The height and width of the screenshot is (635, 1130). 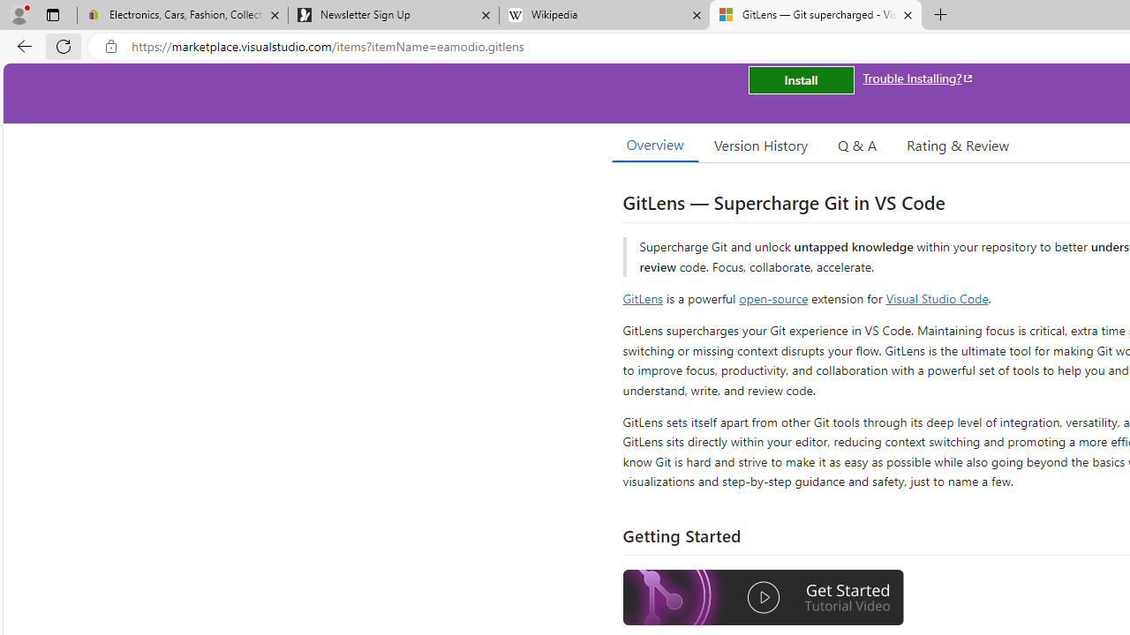 What do you see at coordinates (936, 297) in the screenshot?
I see `'Visual Studio Code'` at bounding box center [936, 297].